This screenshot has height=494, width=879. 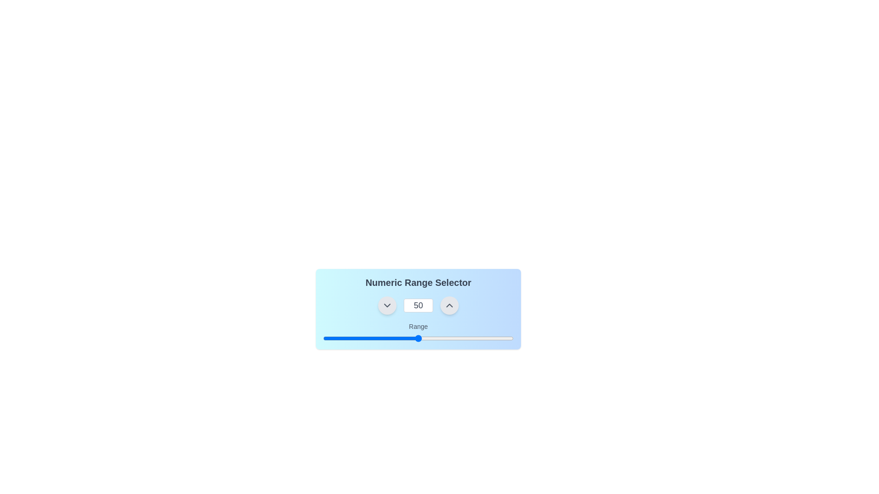 I want to click on the slider, so click(x=403, y=338).